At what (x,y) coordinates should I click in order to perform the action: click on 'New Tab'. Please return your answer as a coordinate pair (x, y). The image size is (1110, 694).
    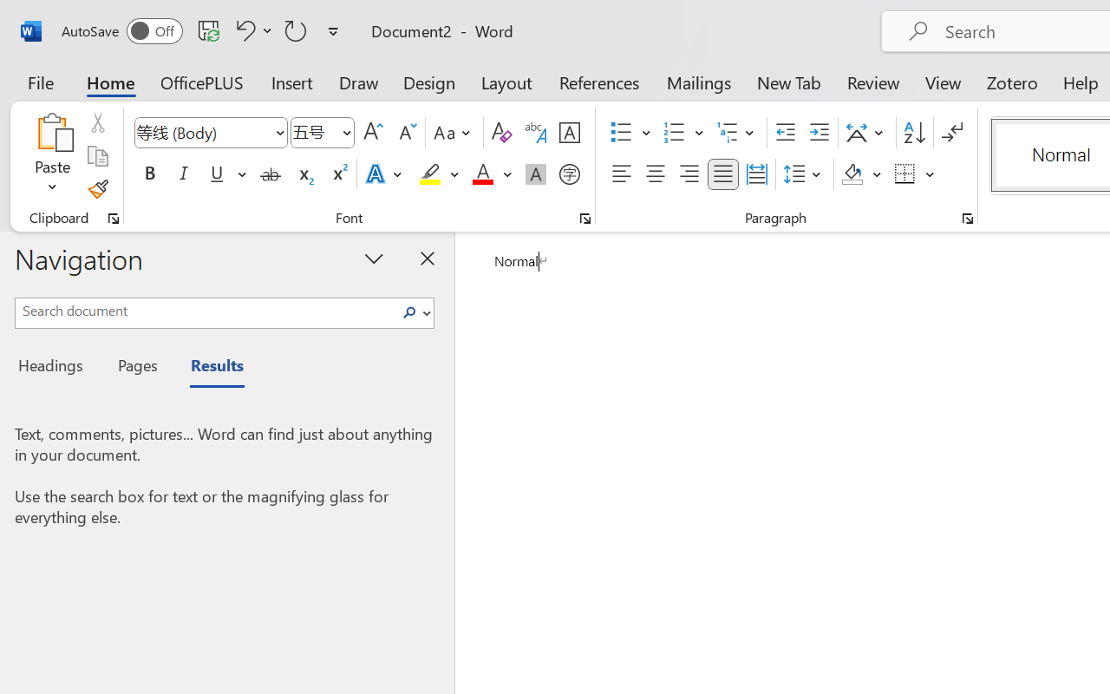
    Looking at the image, I should click on (788, 82).